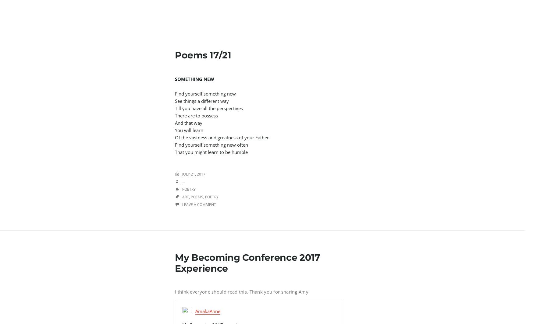 The width and height of the screenshot is (540, 324). Describe the element at coordinates (191, 197) in the screenshot. I see `'poems'` at that location.